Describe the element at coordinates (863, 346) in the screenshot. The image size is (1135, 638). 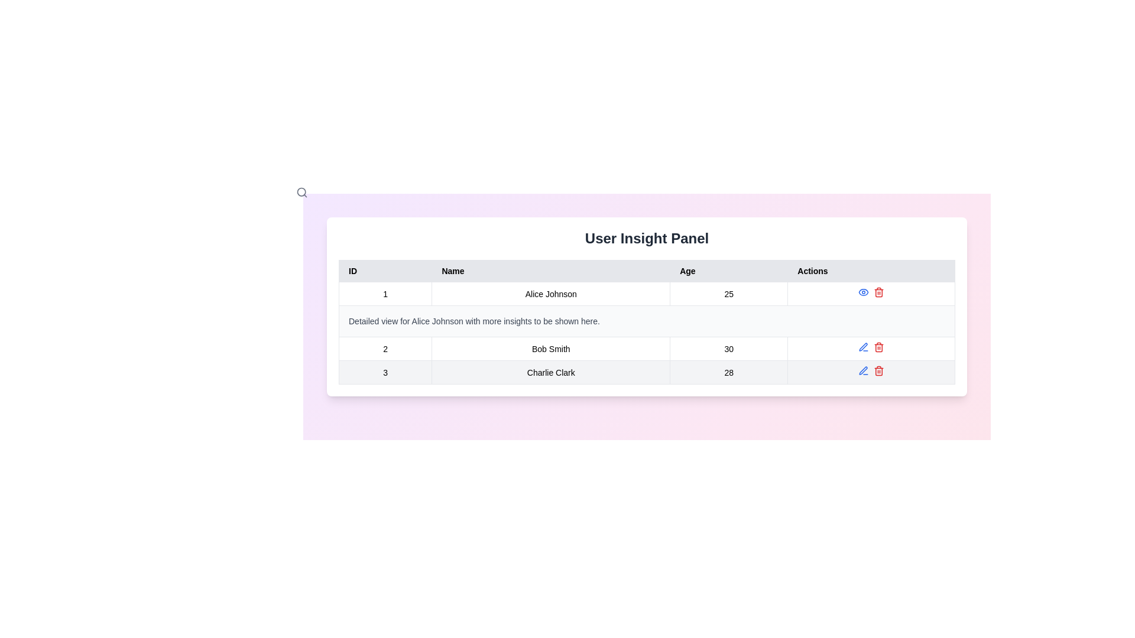
I see `the Icon button in the 'Actions' column for the entry of 'Charlie Clark', which is intended to trigger an edit action` at that location.